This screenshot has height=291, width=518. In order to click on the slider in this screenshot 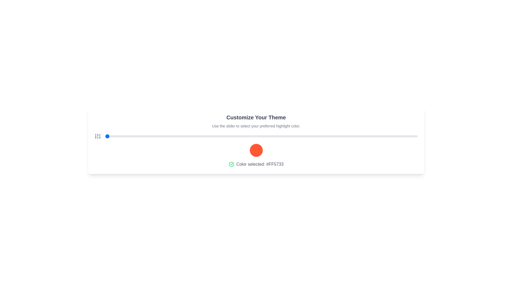, I will do `click(134, 136)`.